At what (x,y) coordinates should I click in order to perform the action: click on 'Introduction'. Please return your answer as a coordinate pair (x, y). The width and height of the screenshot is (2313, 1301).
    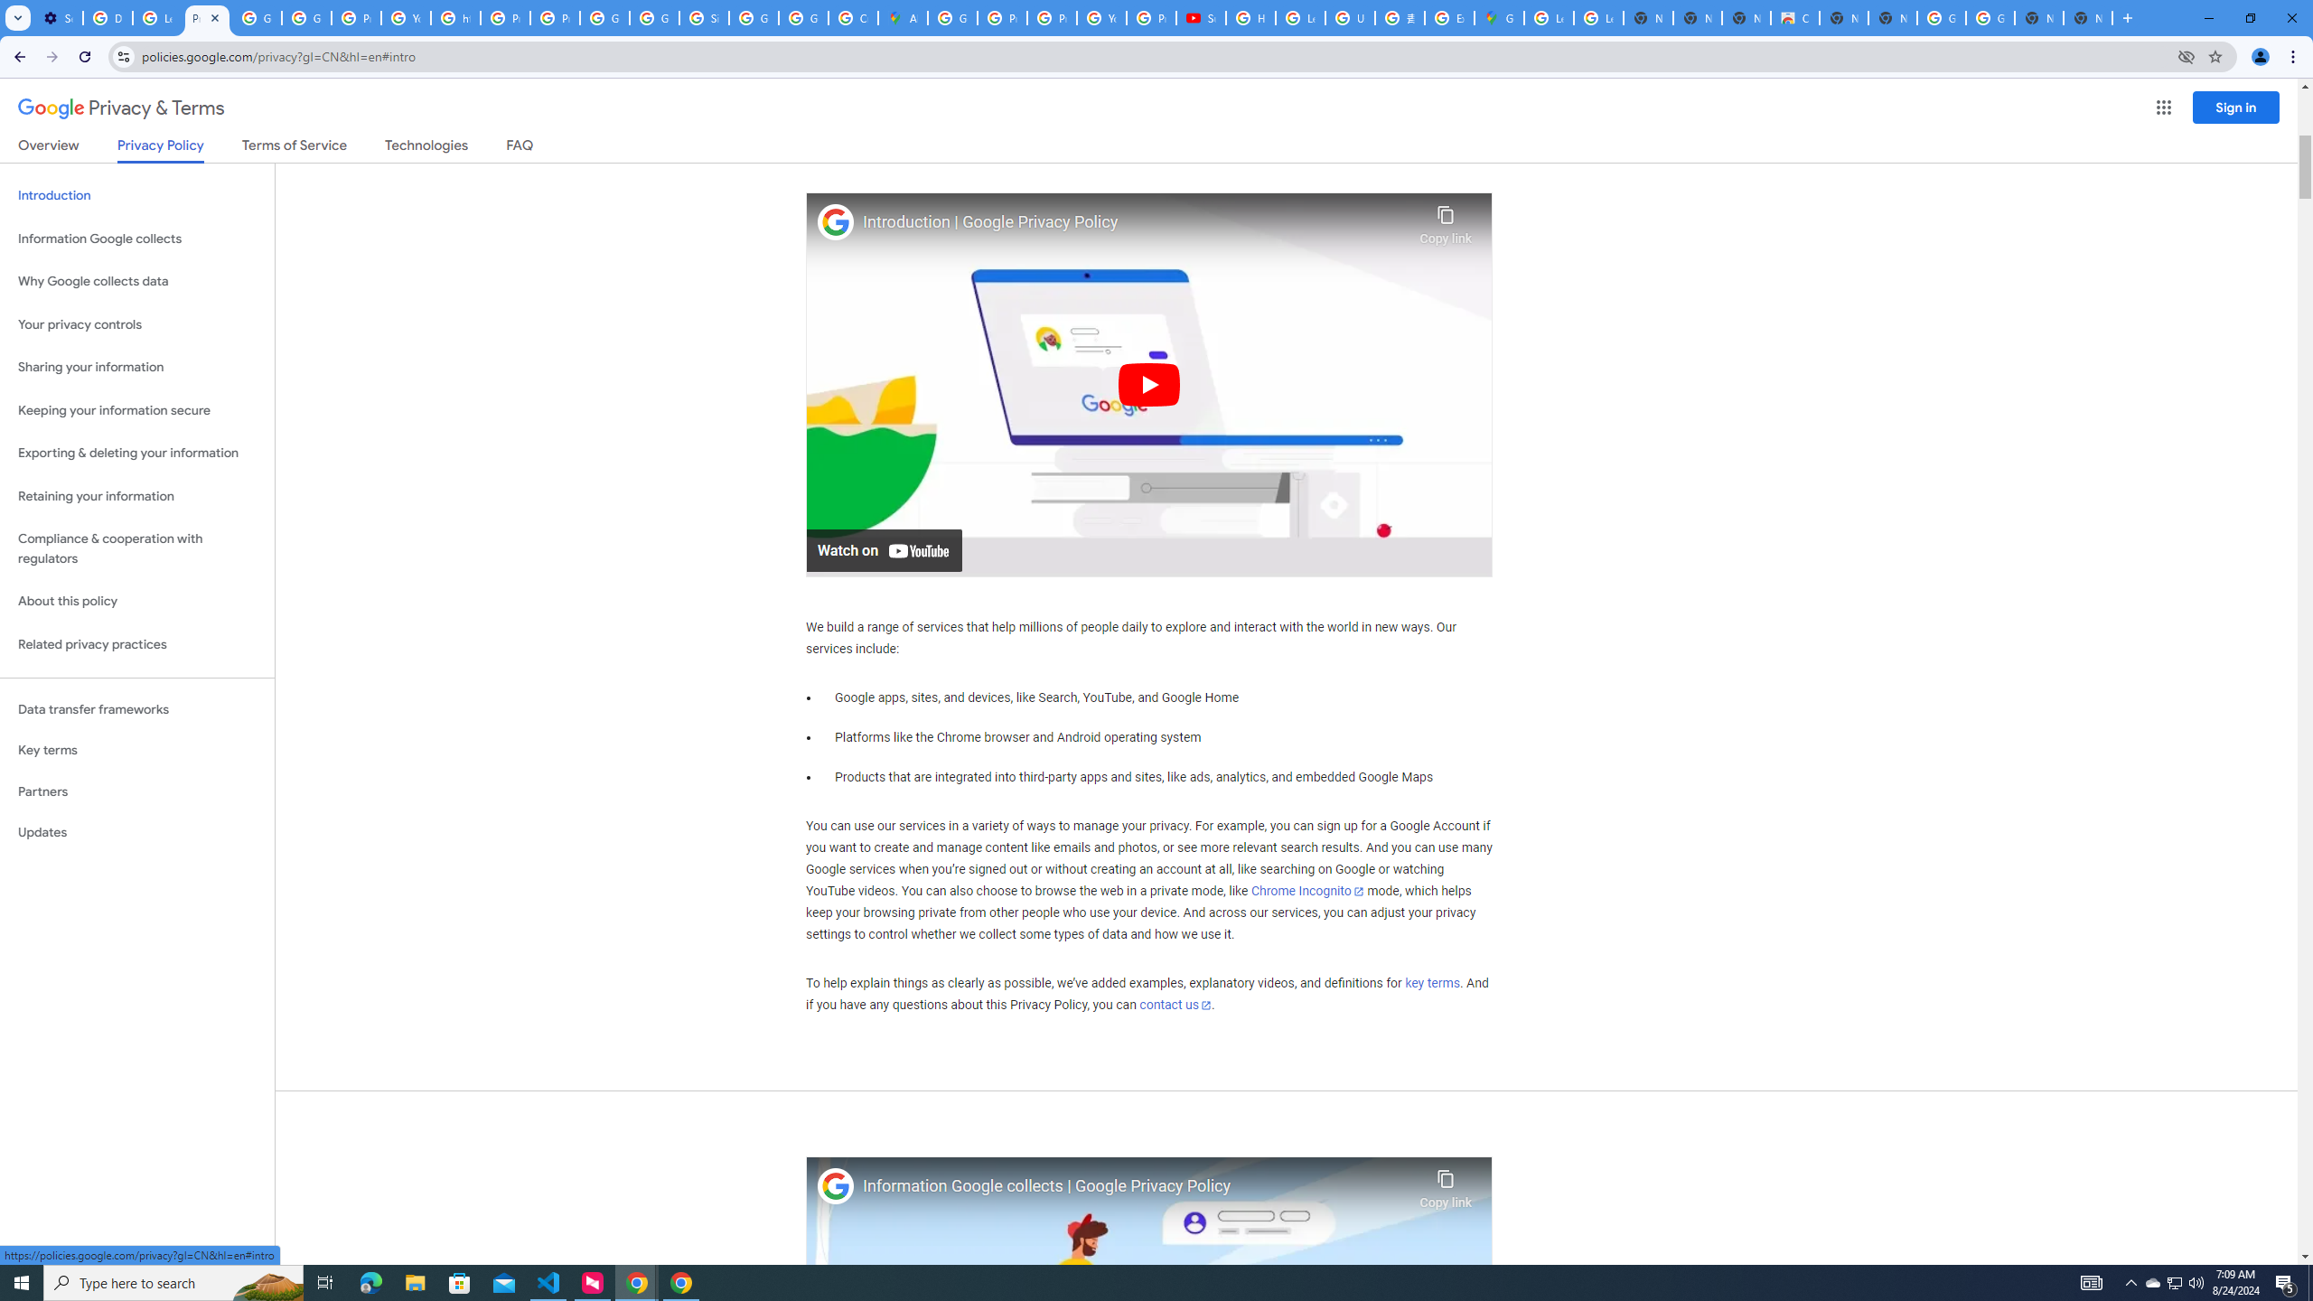
    Looking at the image, I should click on (136, 194).